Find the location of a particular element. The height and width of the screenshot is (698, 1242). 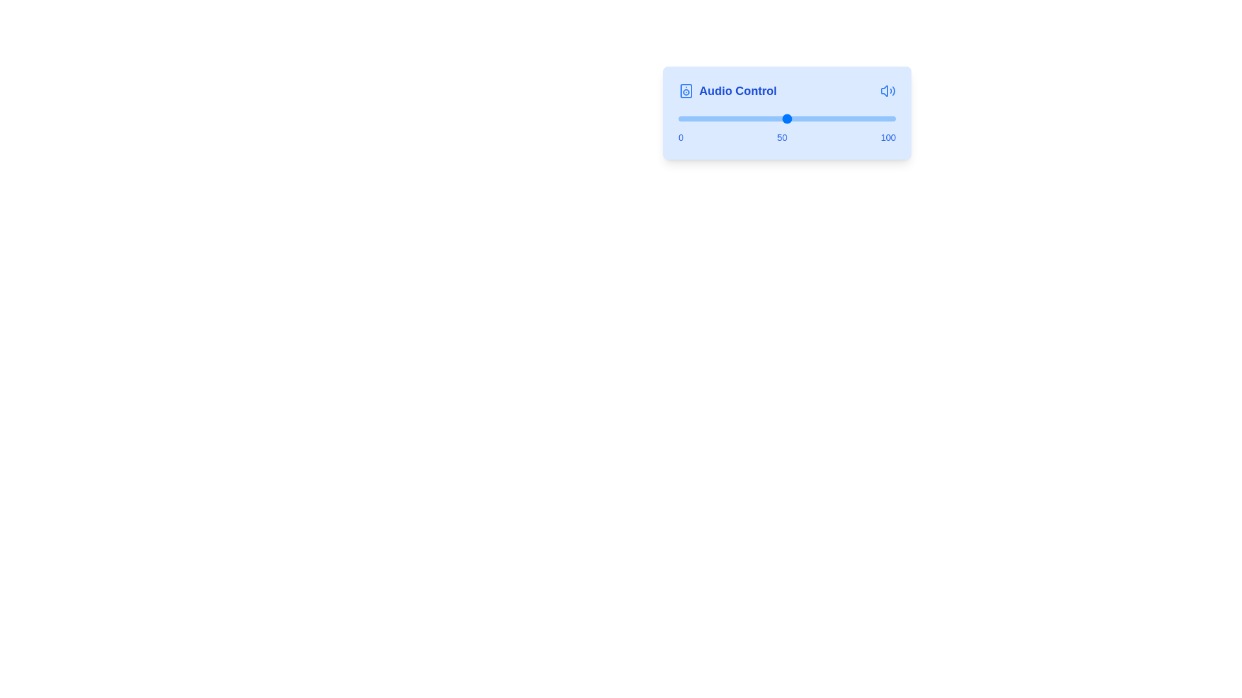

the blue text label displaying '100', which is positioned at the bottom-right edge of the audio control interface, to interact with it if functionality is provided is located at coordinates (888, 137).